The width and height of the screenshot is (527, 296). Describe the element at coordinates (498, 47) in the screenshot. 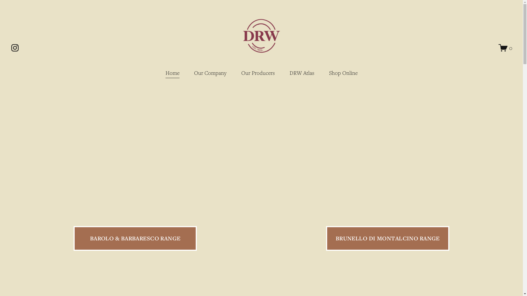

I see `'0'` at that location.